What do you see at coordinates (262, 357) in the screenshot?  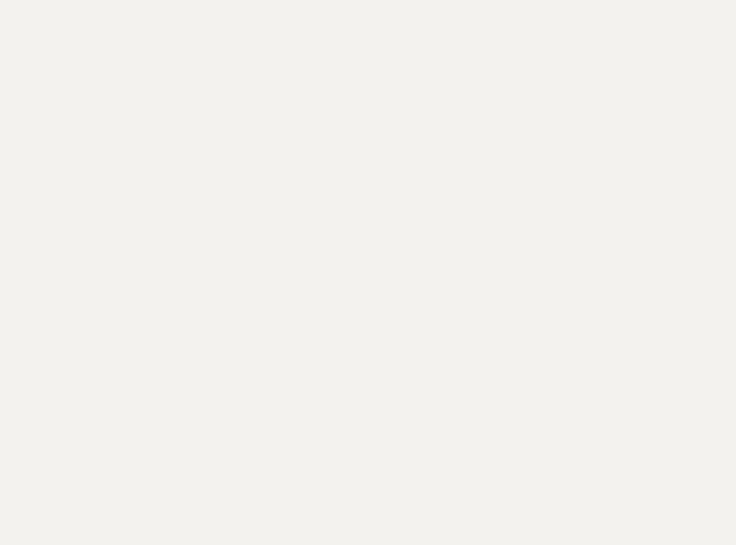 I see `','` at bounding box center [262, 357].